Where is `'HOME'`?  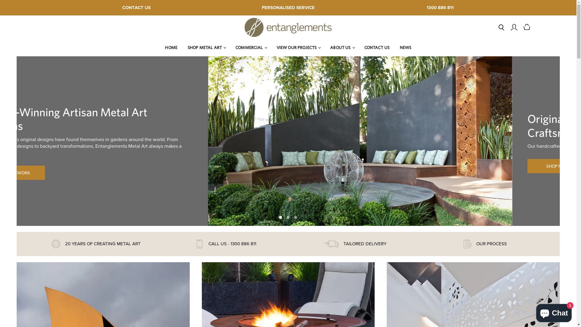
'HOME' is located at coordinates (171, 47).